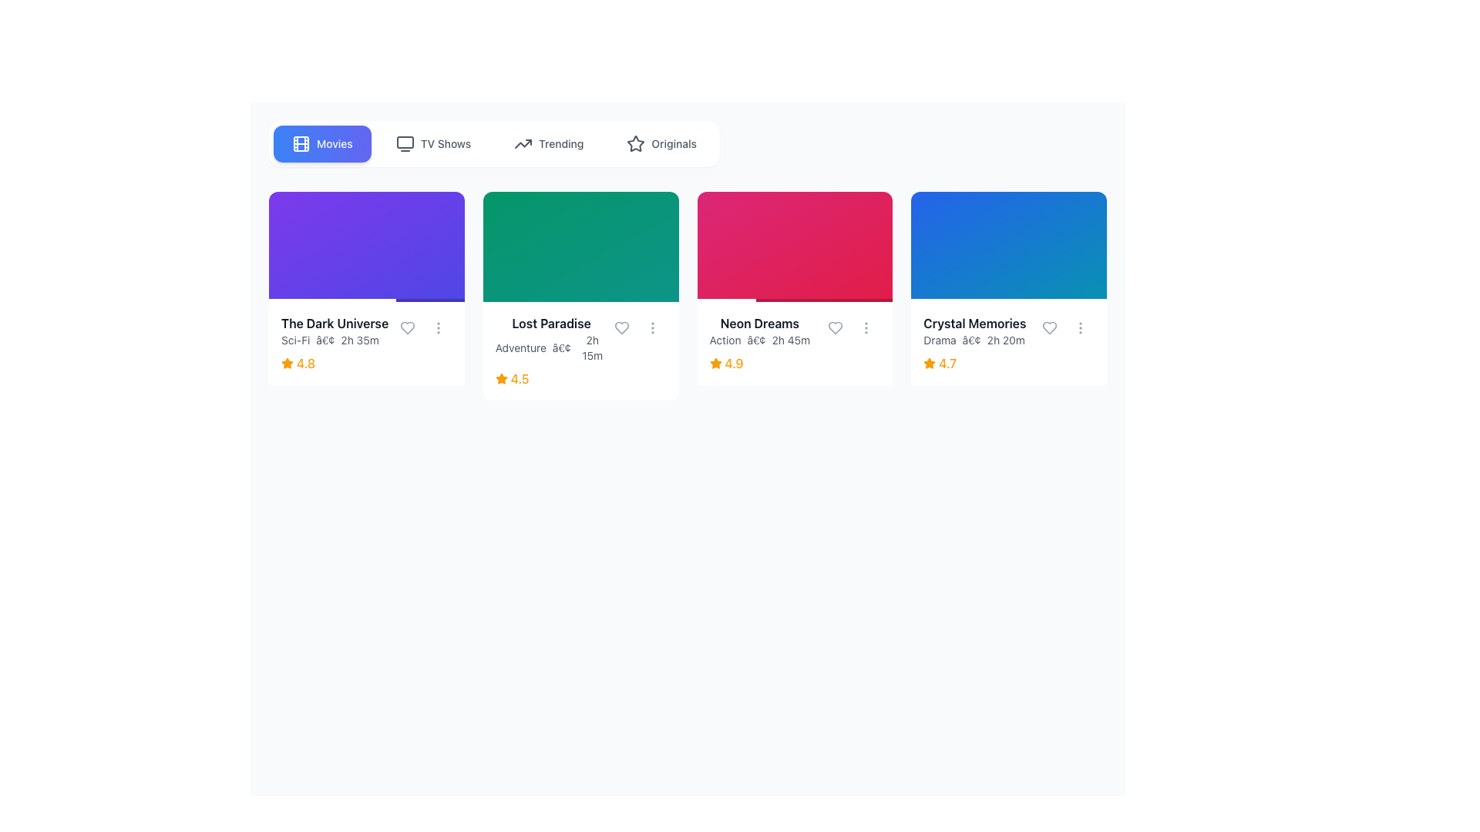  Describe the element at coordinates (715, 363) in the screenshot. I see `the small star-shaped icon with a yellow fill, located in the movie rating section below the 'Neon Dreams' movie card, which signifies its association with ratings` at that location.